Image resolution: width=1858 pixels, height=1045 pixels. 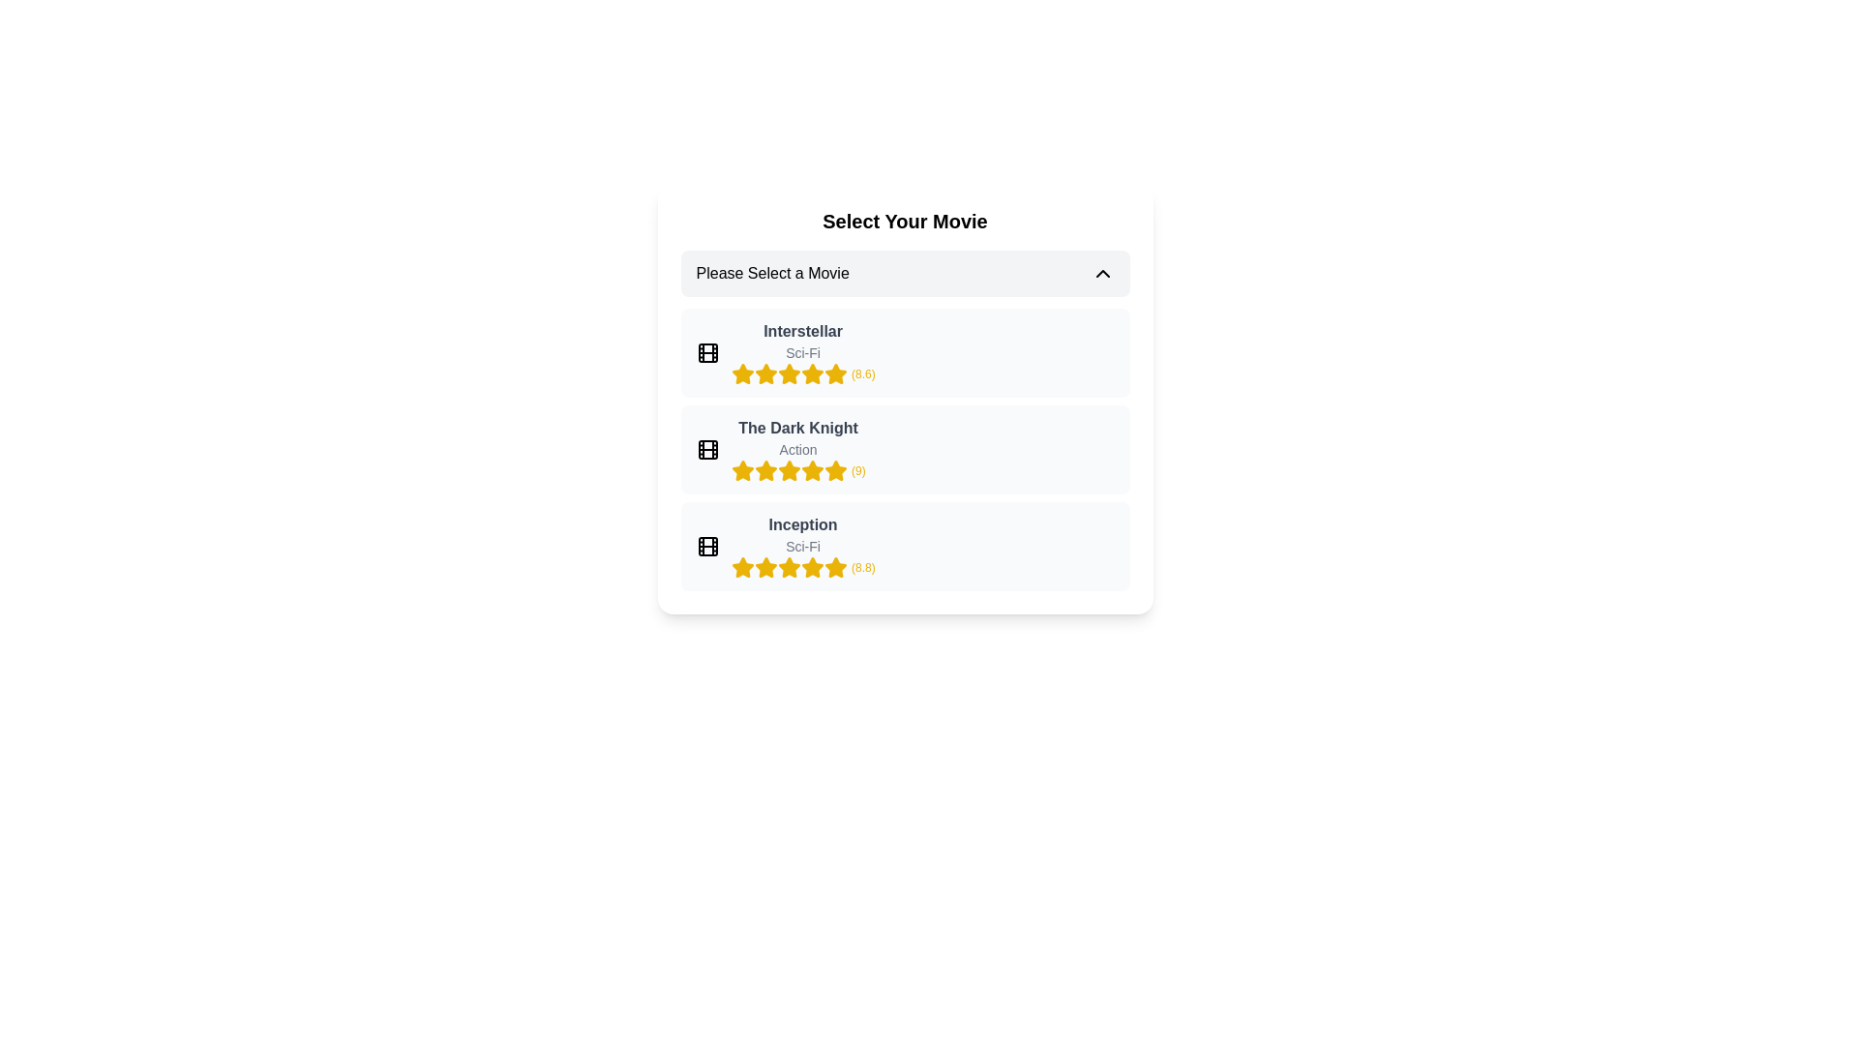 I want to click on text label displaying the title of the movie 'Interstellar', which is located in the first row of a vertical list of movies under the header 'Select Your Movie', so click(x=803, y=331).